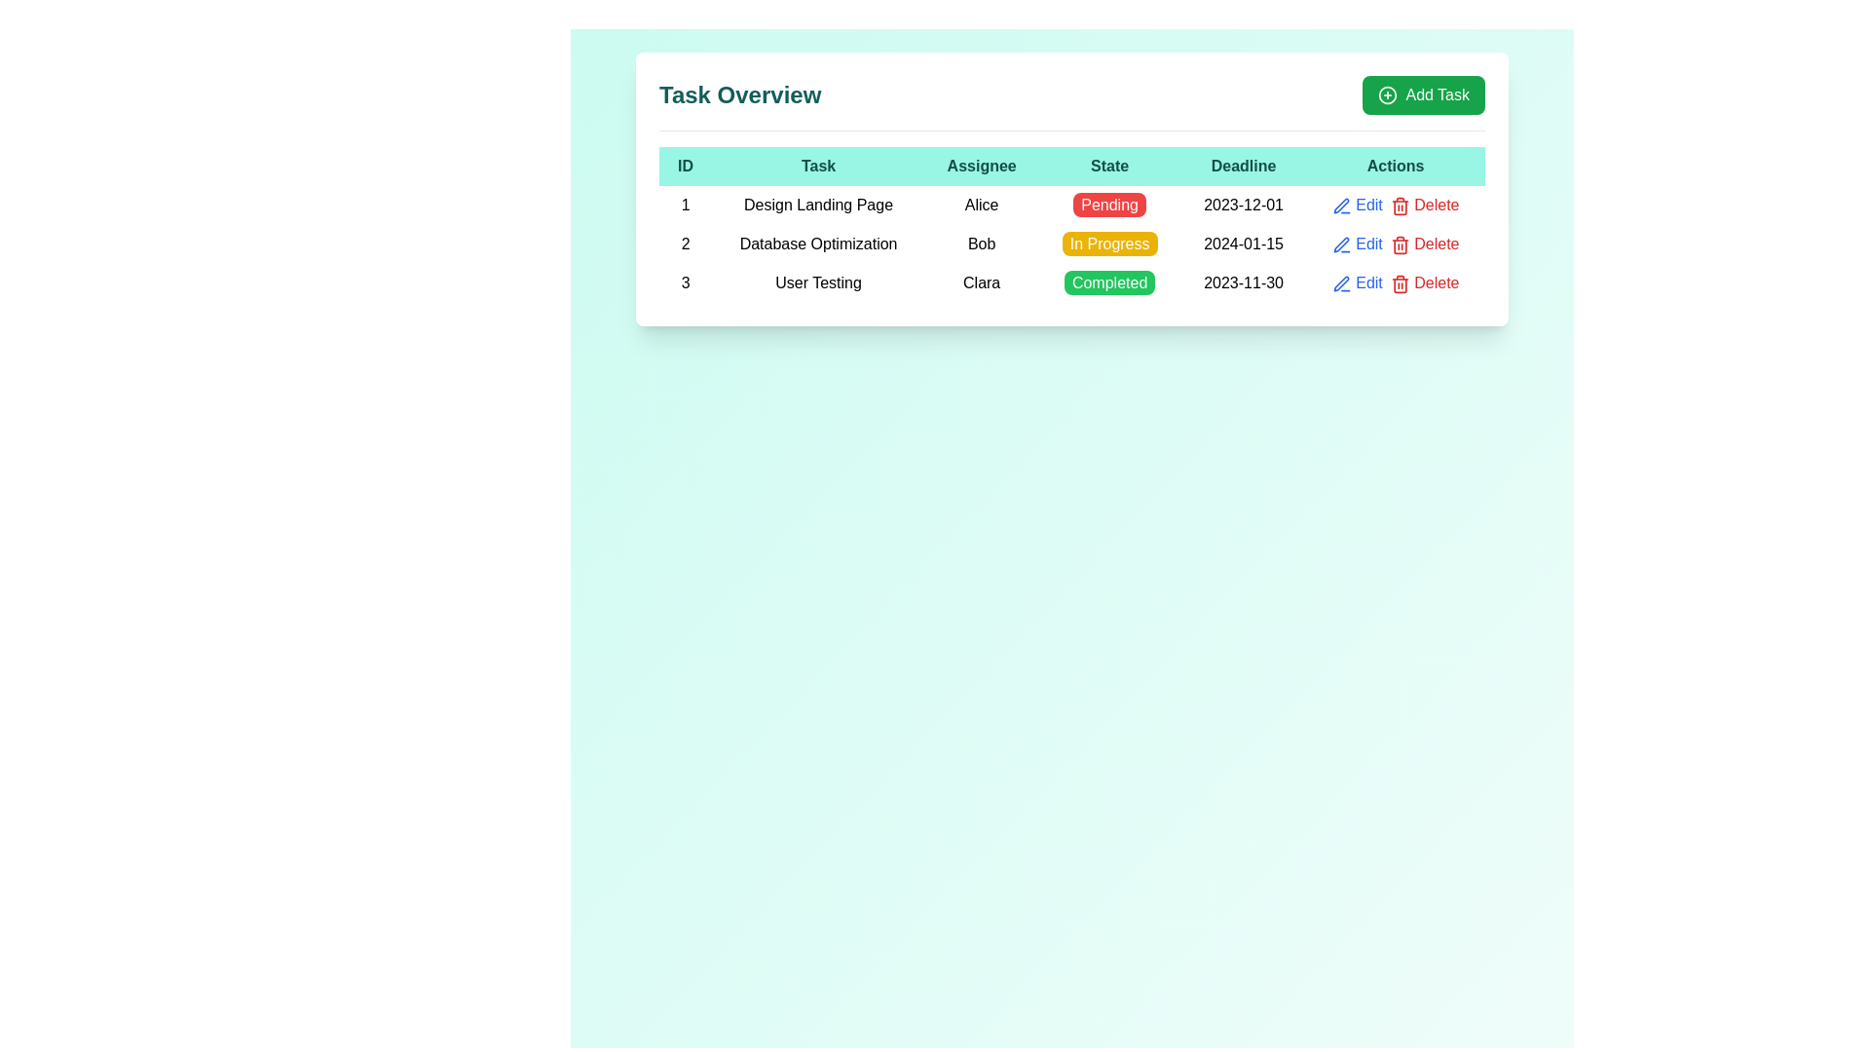 The image size is (1870, 1052). Describe the element at coordinates (686, 243) in the screenshot. I see `the text label displaying the number '2' in the first column of the second row of the 'Task Overview' table` at that location.